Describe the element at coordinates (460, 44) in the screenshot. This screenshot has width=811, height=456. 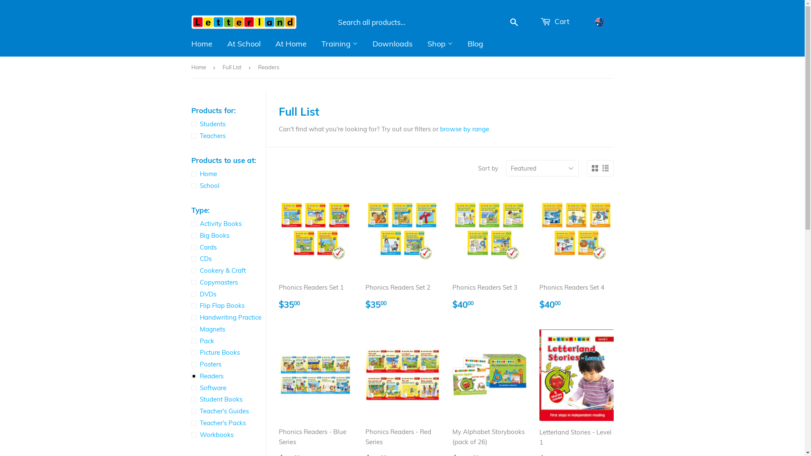
I see `'Blog'` at that location.